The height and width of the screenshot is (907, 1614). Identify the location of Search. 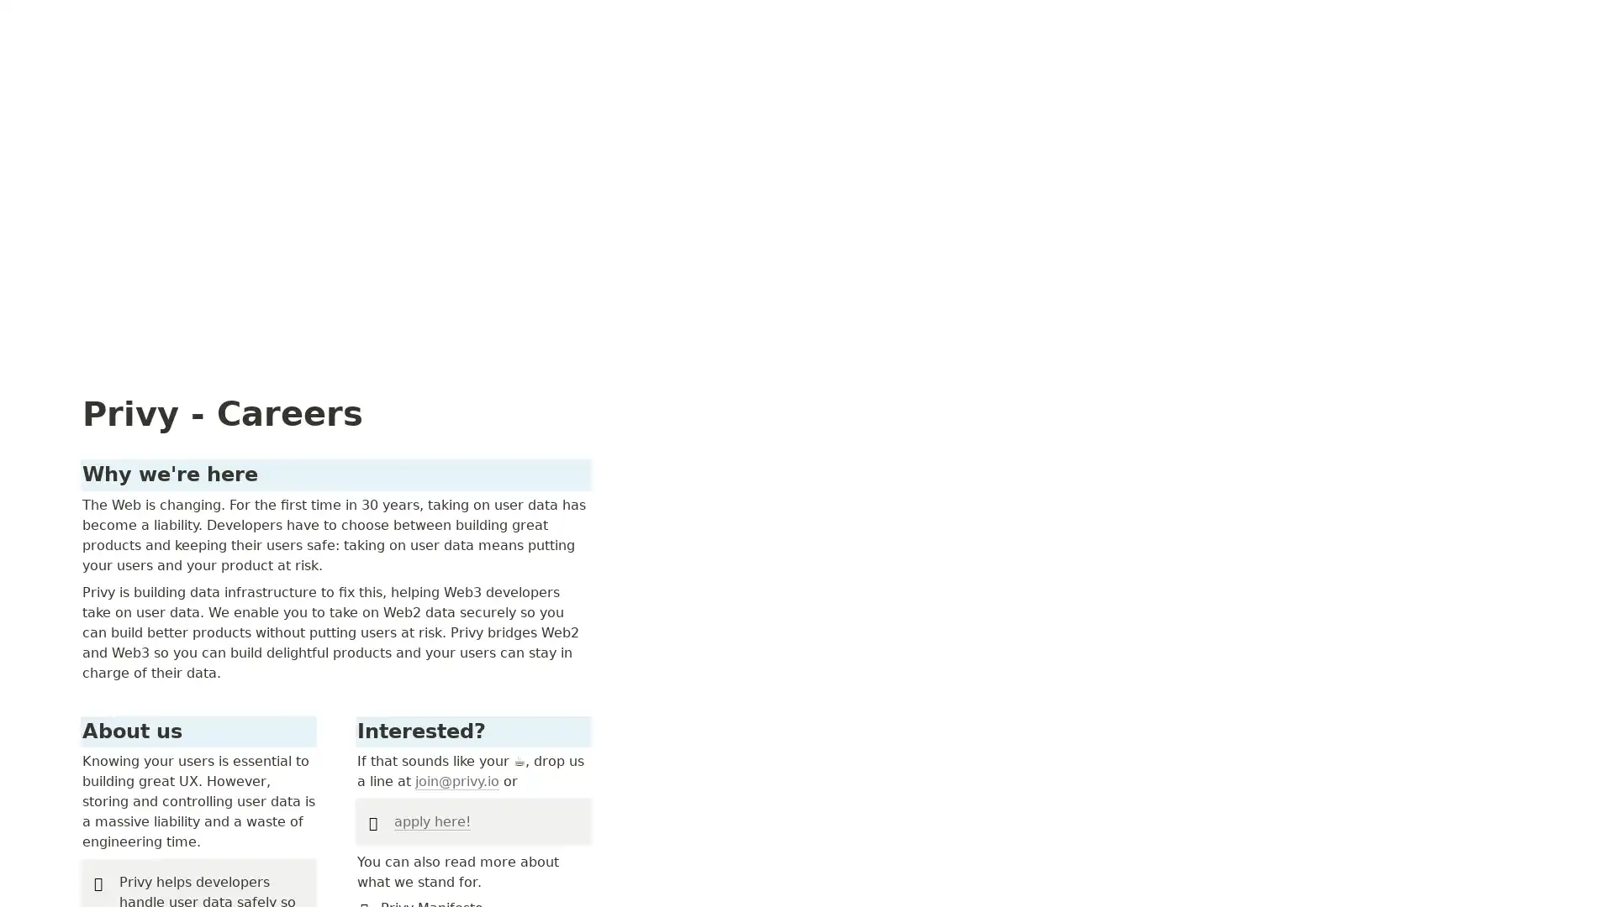
(1434, 18).